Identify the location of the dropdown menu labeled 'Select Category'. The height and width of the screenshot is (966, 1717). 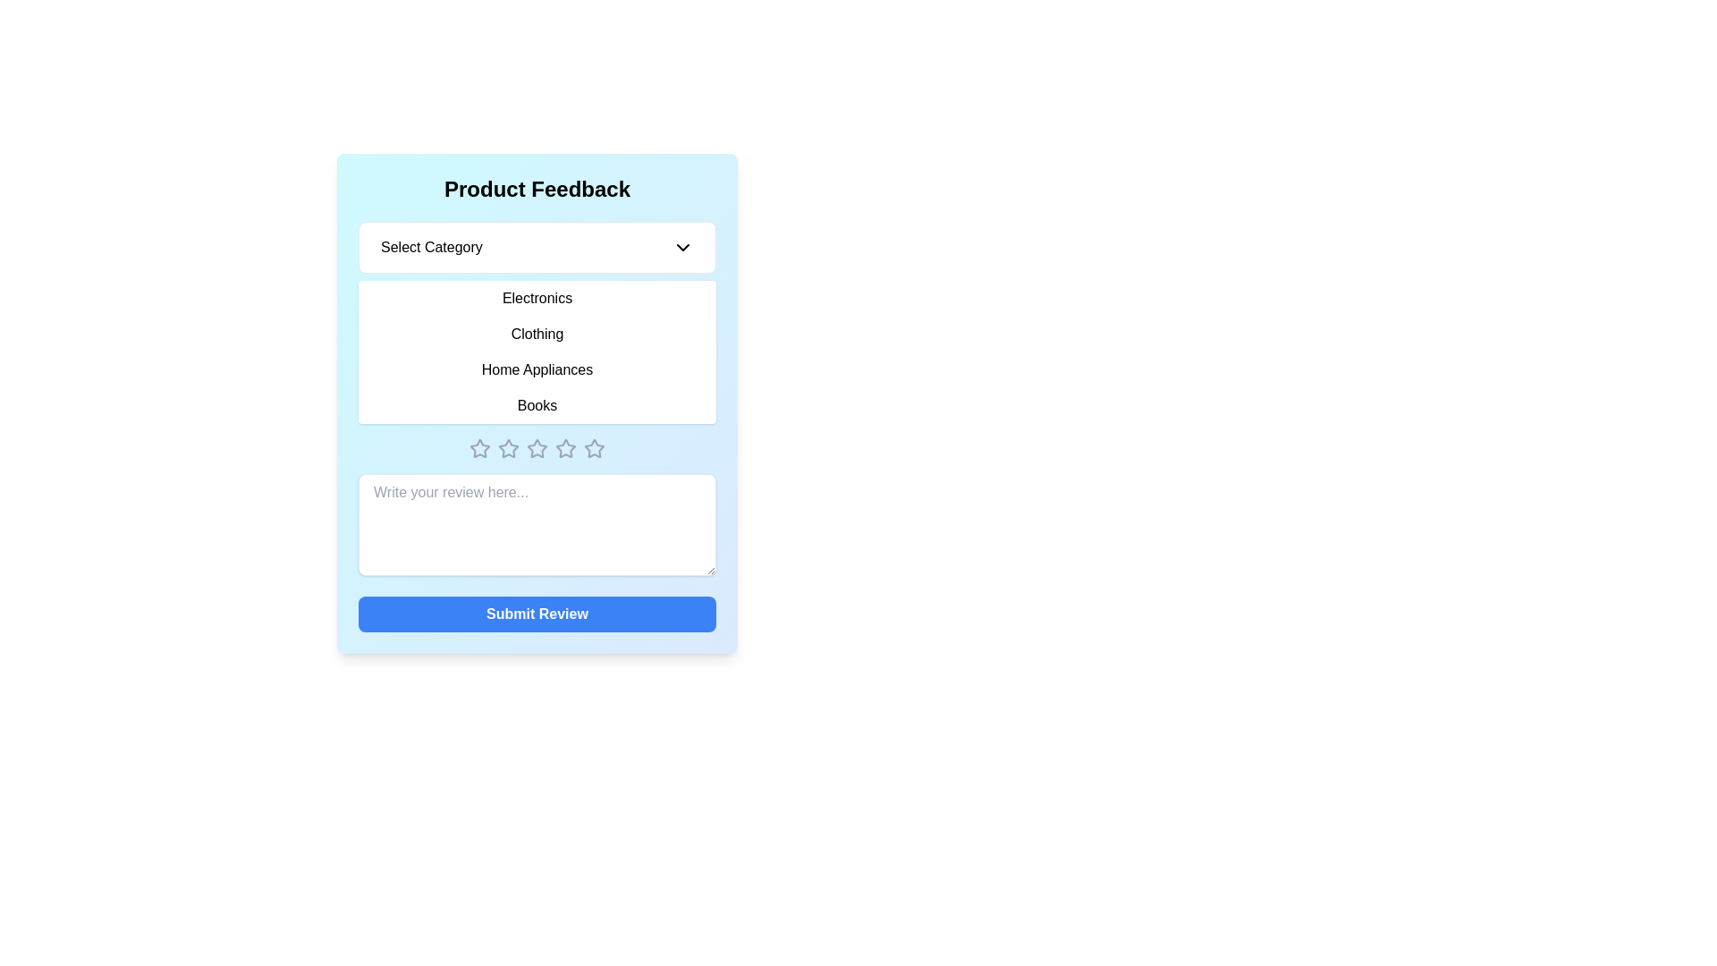
(536, 248).